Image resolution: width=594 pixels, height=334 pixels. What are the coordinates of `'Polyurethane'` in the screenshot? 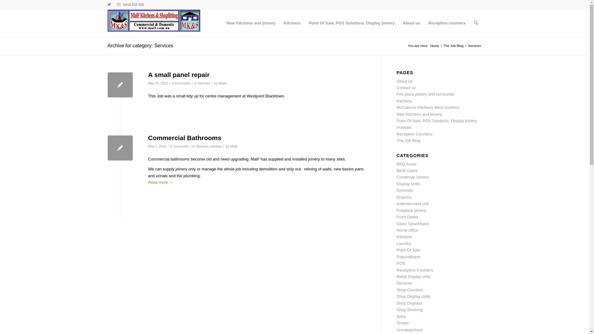 It's located at (408, 257).